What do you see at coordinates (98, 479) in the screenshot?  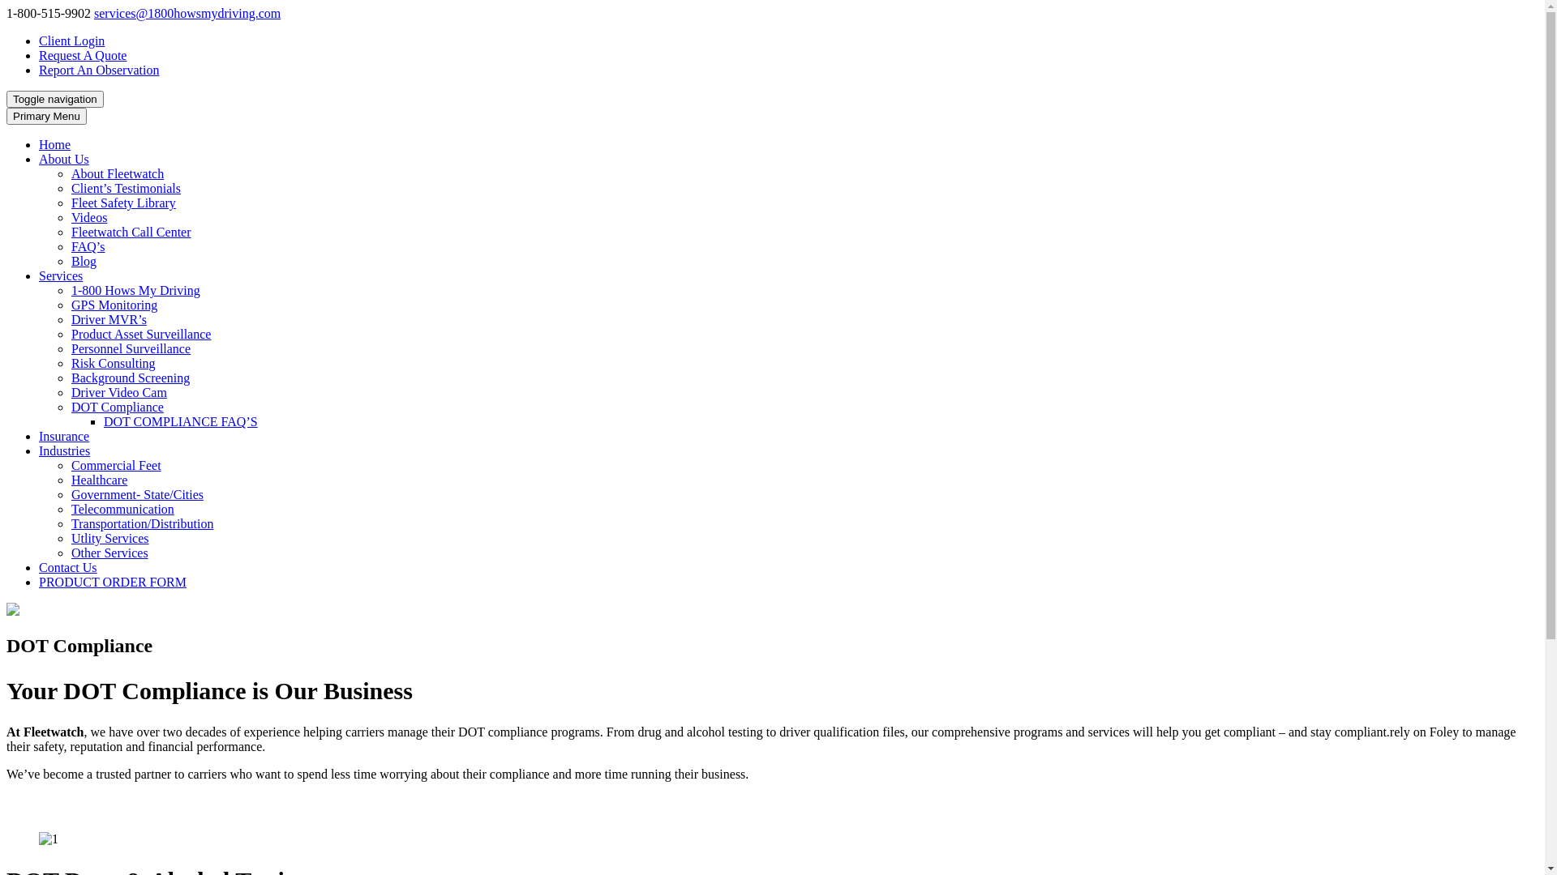 I see `'Healthcare'` at bounding box center [98, 479].